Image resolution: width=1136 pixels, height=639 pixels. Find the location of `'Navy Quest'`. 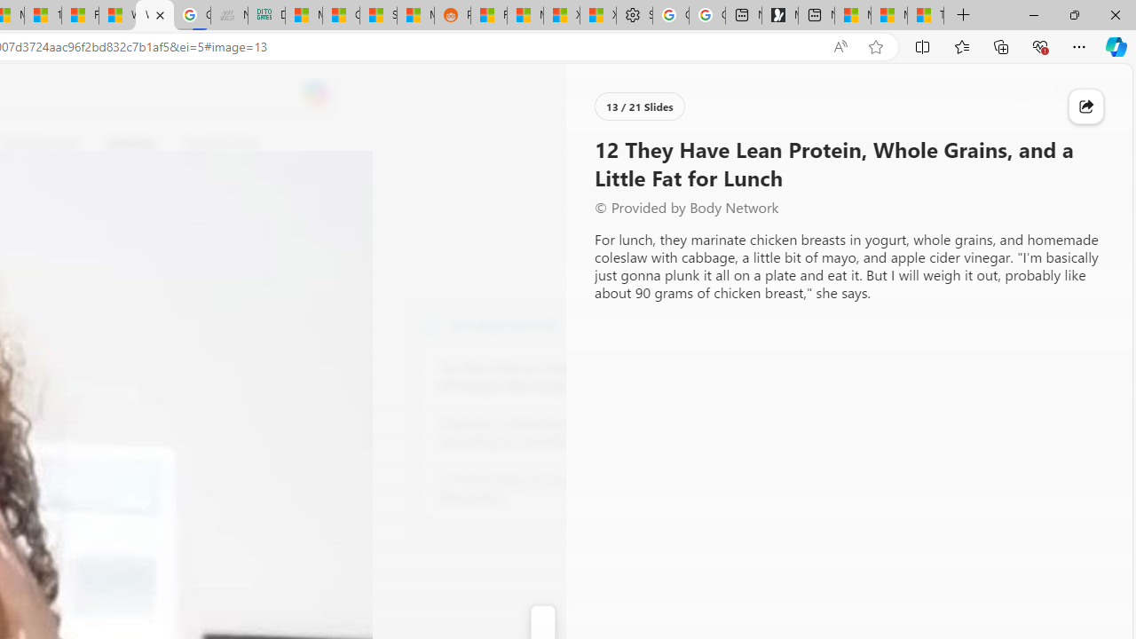

'Navy Quest' is located at coordinates (228, 15).